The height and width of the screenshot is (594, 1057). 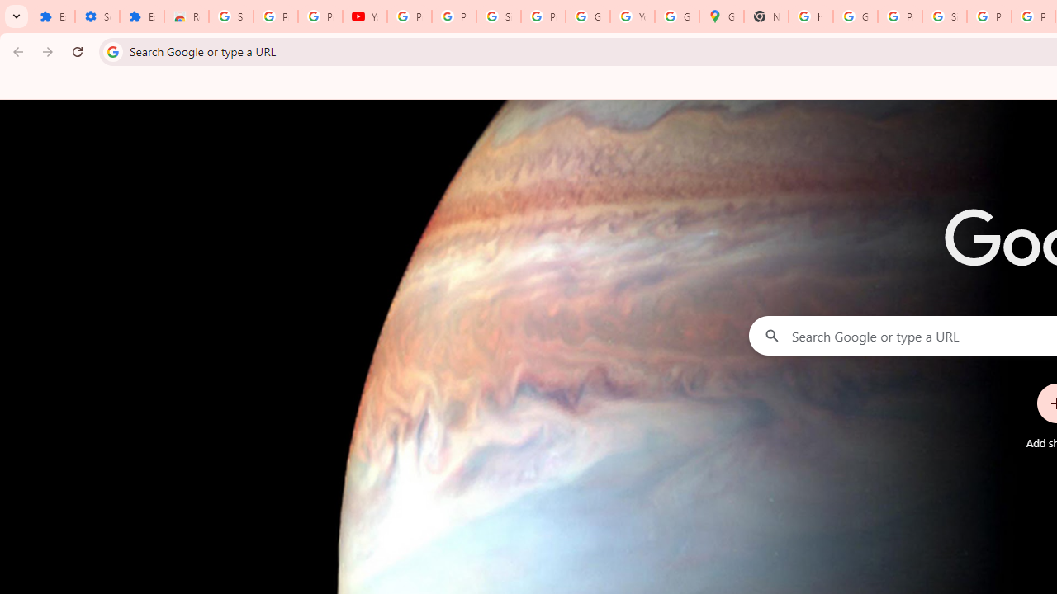 I want to click on 'https://scholar.google.com/', so click(x=810, y=16).